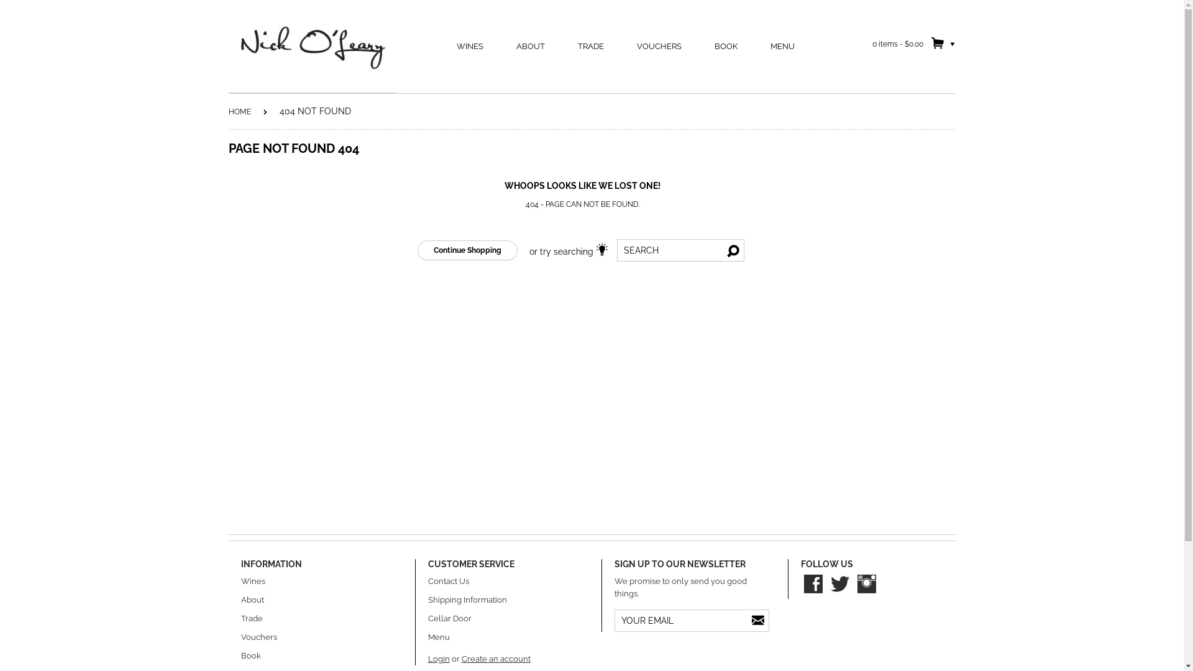 This screenshot has height=671, width=1193. What do you see at coordinates (531, 45) in the screenshot?
I see `'ABOUT'` at bounding box center [531, 45].